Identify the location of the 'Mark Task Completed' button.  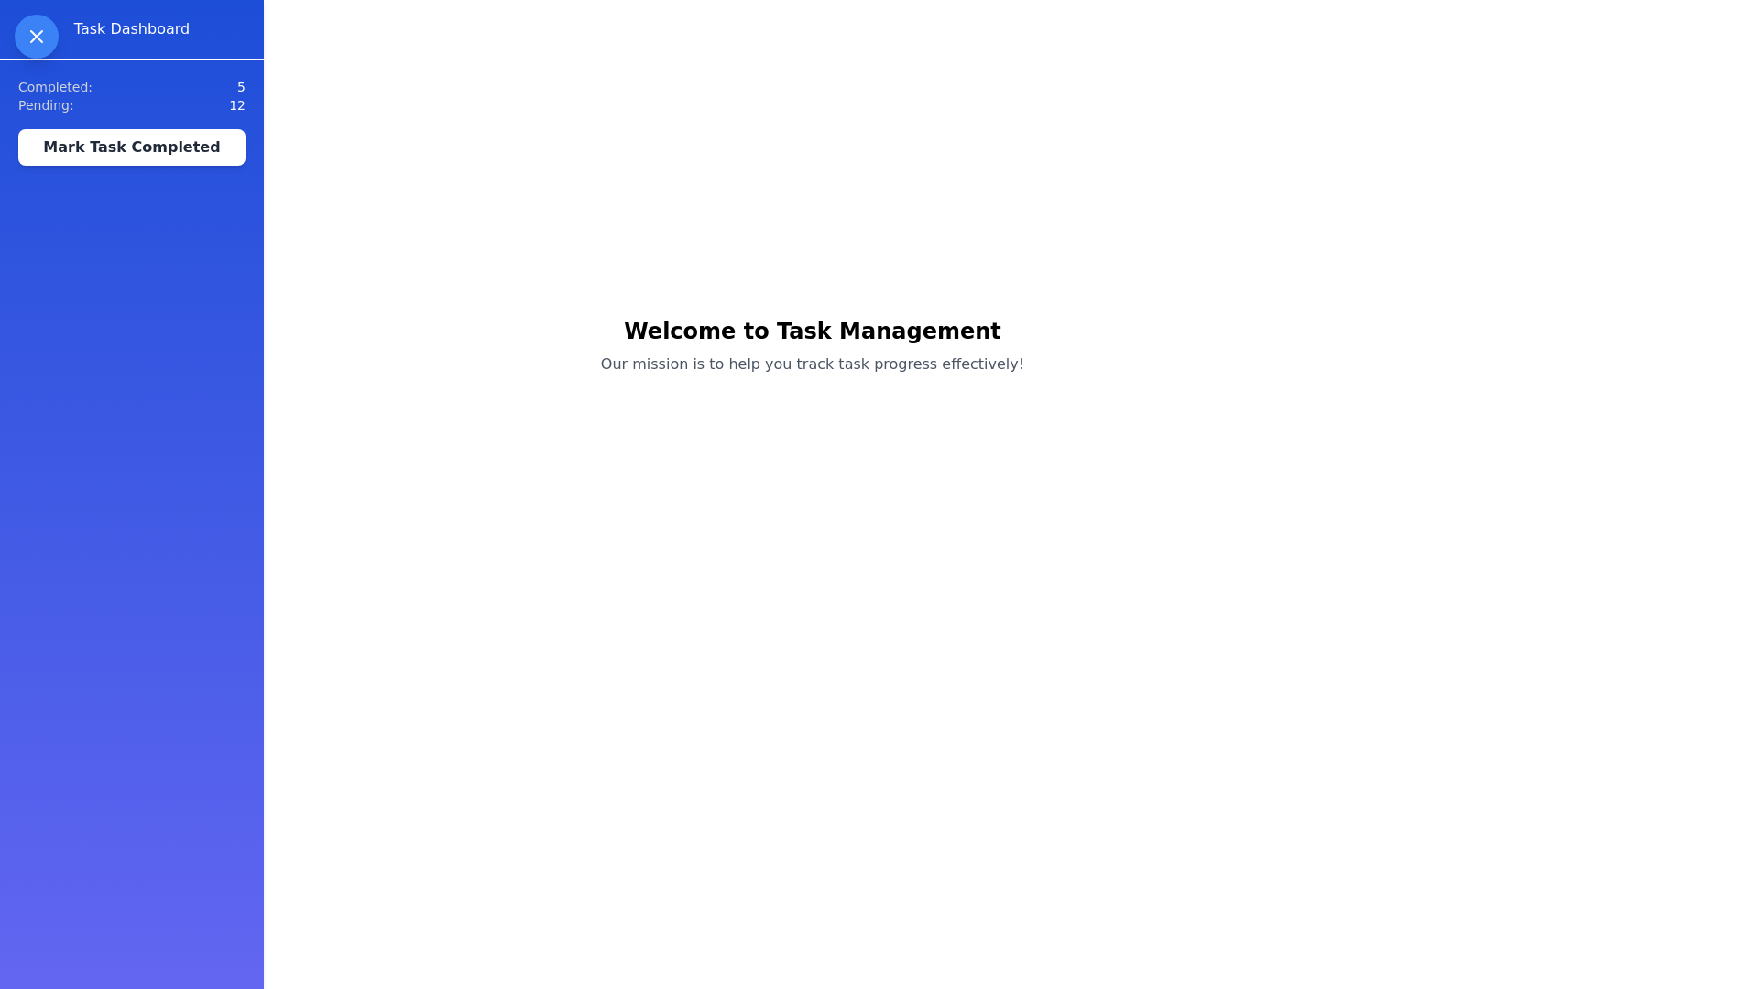
(131, 147).